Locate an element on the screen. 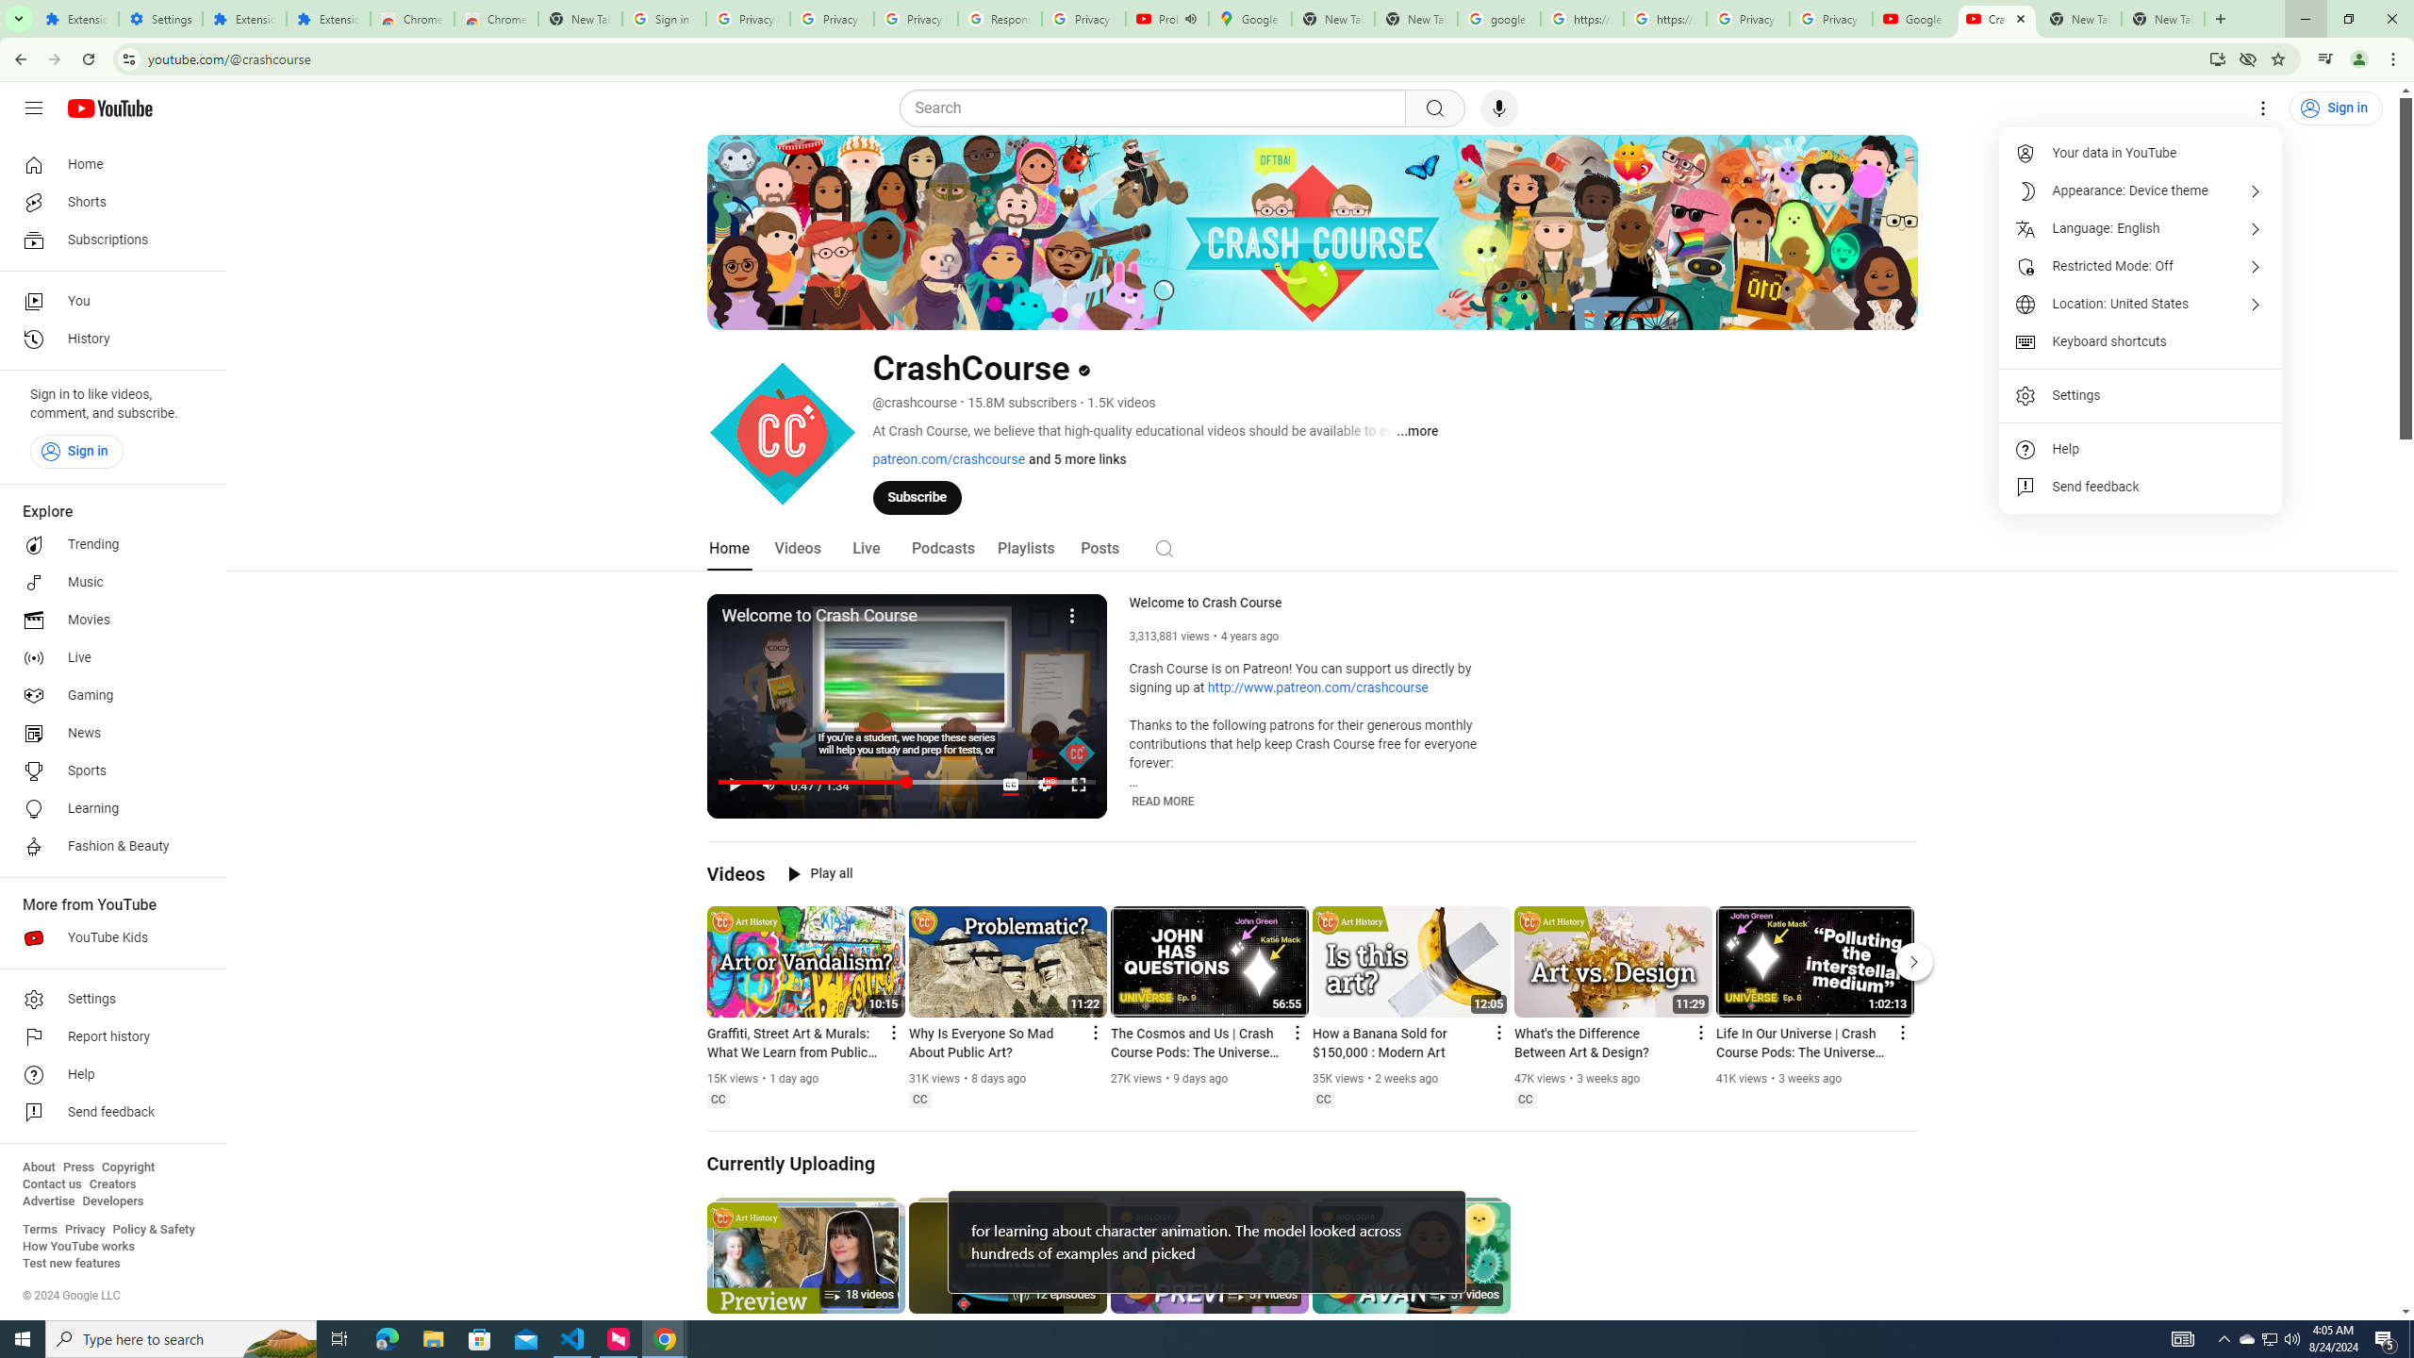 This screenshot has height=1358, width=2414. 'Google Maps' is located at coordinates (1249, 18).